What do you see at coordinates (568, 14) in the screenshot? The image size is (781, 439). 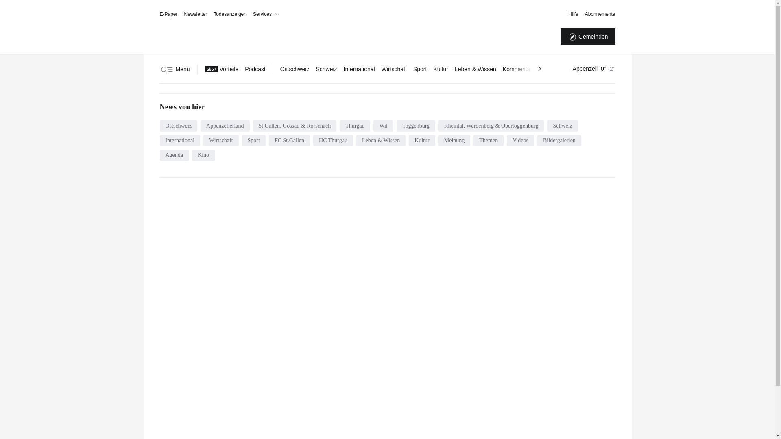 I see `'Hilfe'` at bounding box center [568, 14].